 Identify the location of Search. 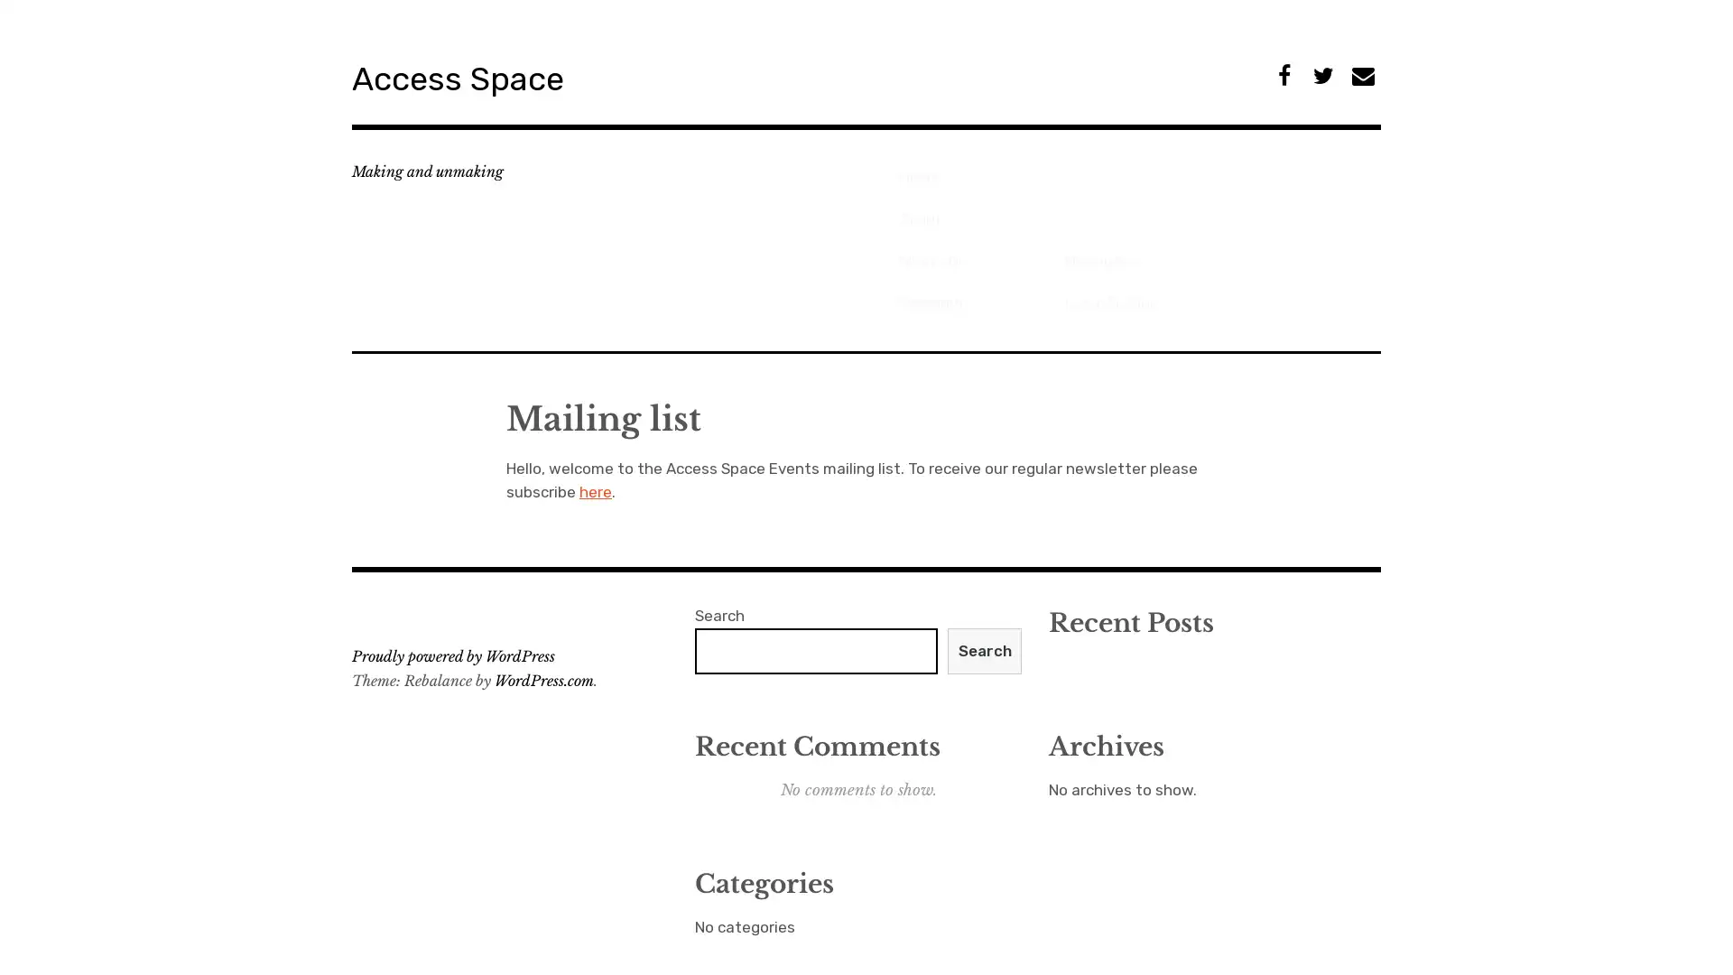
(983, 554).